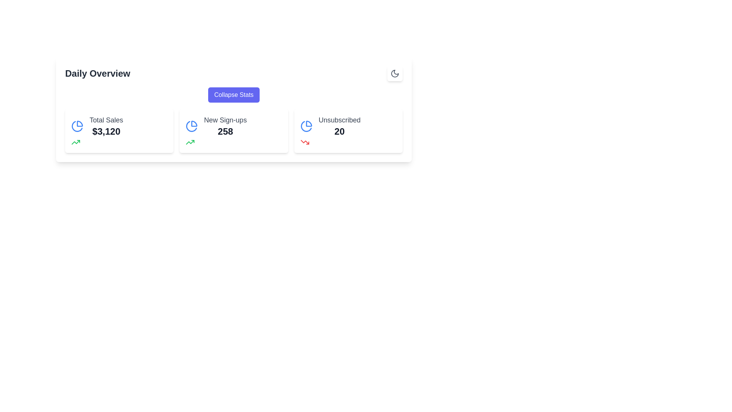 The height and width of the screenshot is (412, 732). Describe the element at coordinates (233, 120) in the screenshot. I see `the Information display (statistical overview) located below the 'Daily Overview' heading to potentially reveal tooltips` at that location.